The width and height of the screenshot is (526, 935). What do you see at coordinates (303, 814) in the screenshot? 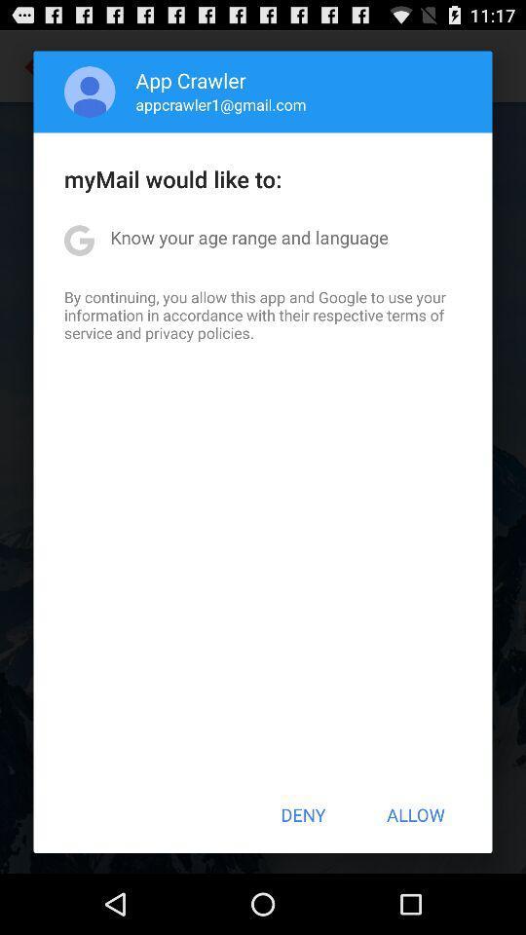
I see `icon to the left of the allow icon` at bounding box center [303, 814].